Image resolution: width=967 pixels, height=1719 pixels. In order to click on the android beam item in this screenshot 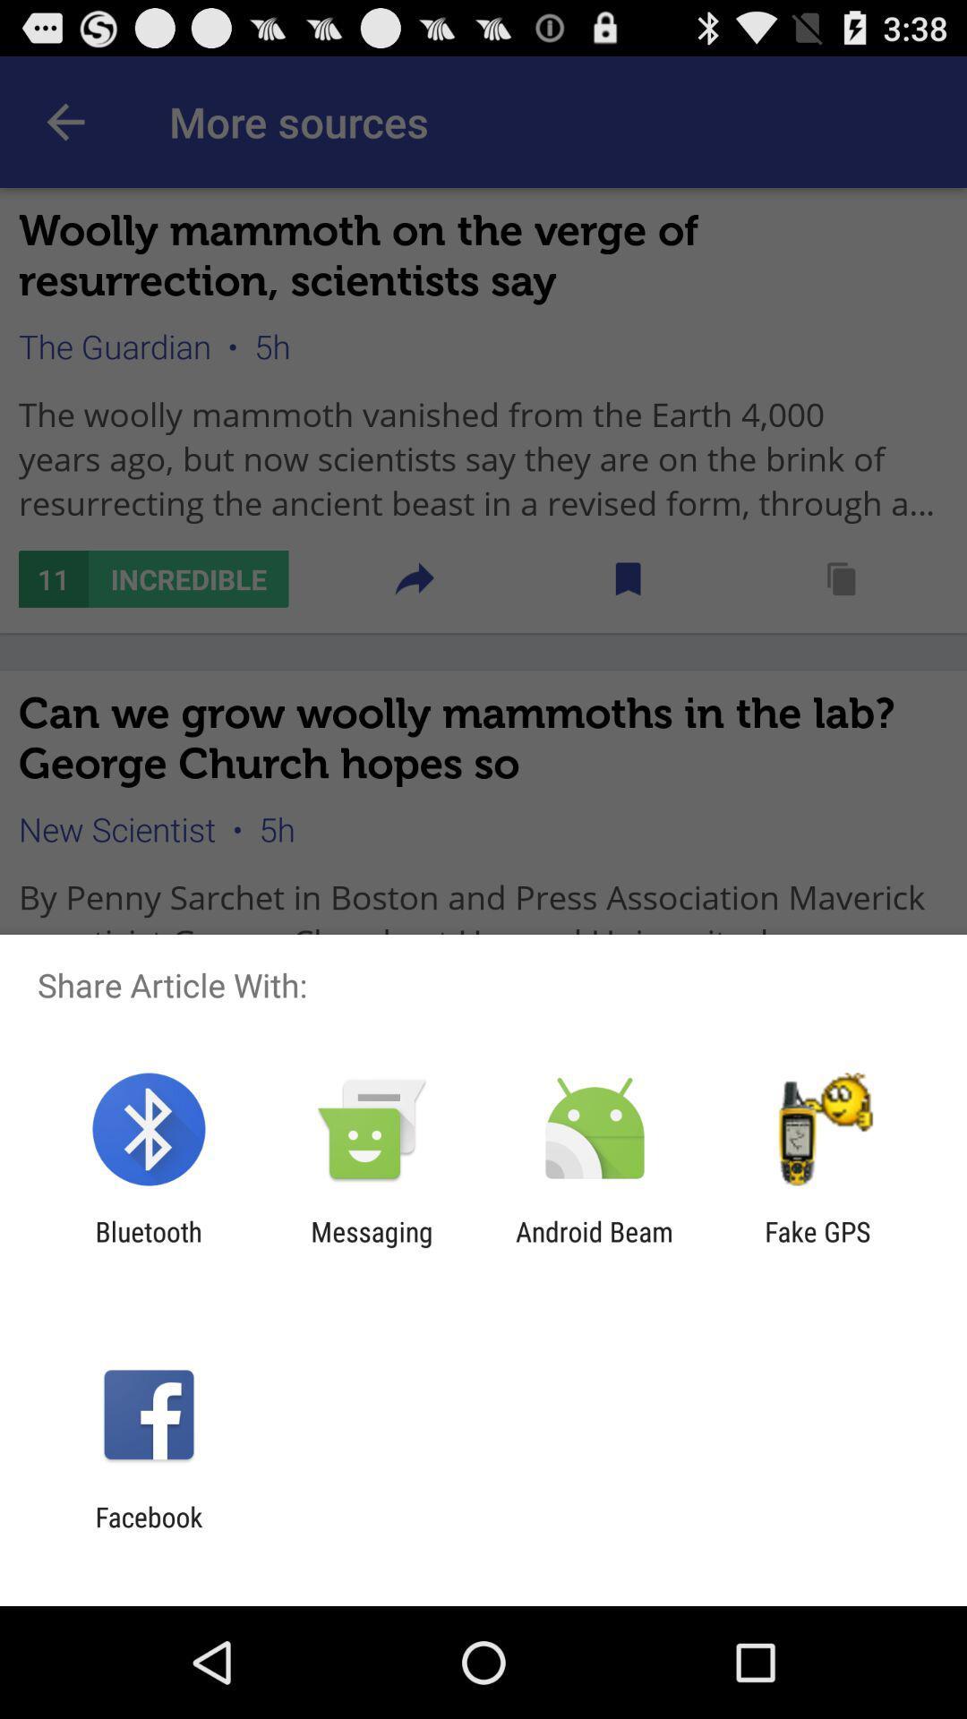, I will do `click(595, 1246)`.